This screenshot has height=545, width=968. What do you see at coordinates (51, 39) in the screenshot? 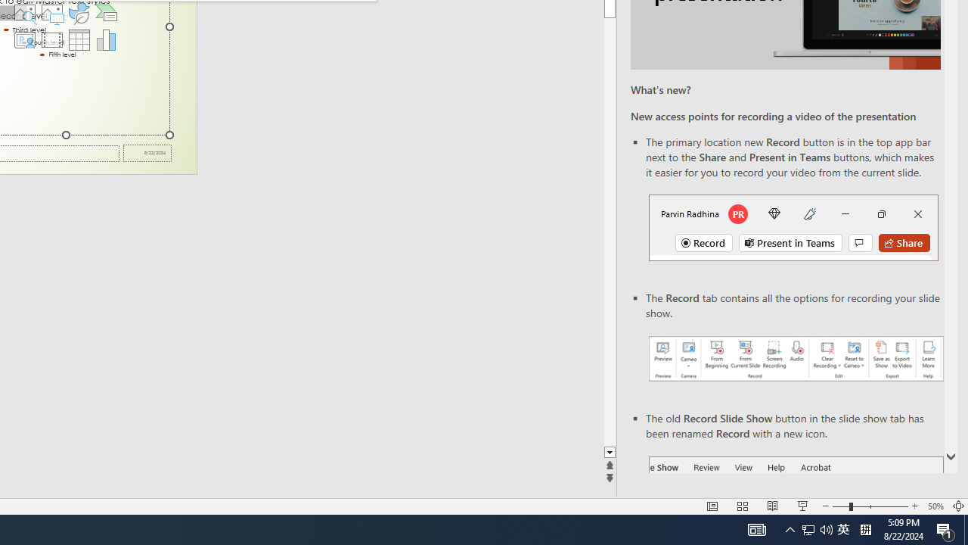
I see `'Insert Video'` at bounding box center [51, 39].